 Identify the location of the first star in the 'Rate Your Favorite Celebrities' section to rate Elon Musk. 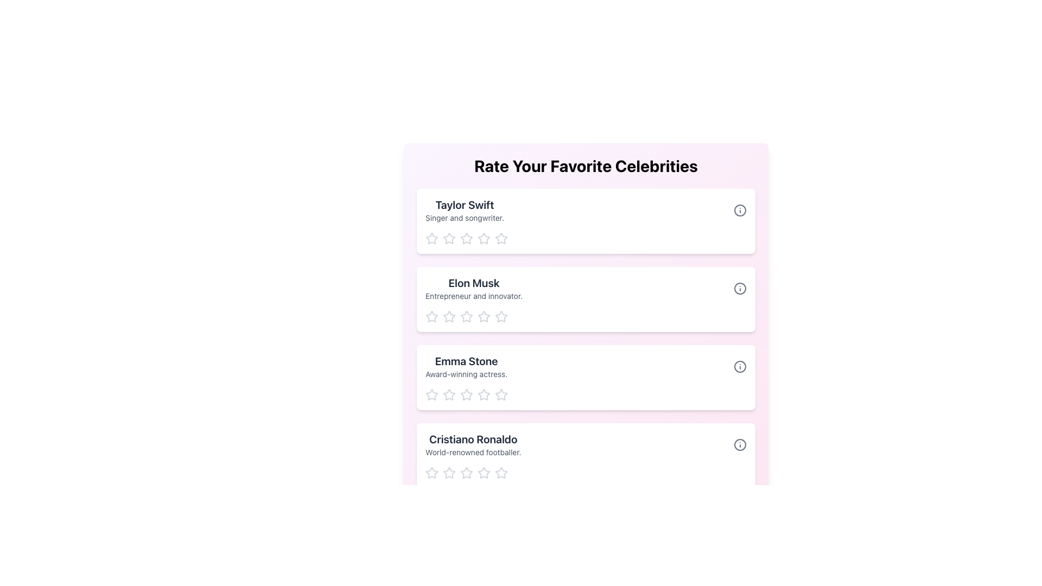
(449, 316).